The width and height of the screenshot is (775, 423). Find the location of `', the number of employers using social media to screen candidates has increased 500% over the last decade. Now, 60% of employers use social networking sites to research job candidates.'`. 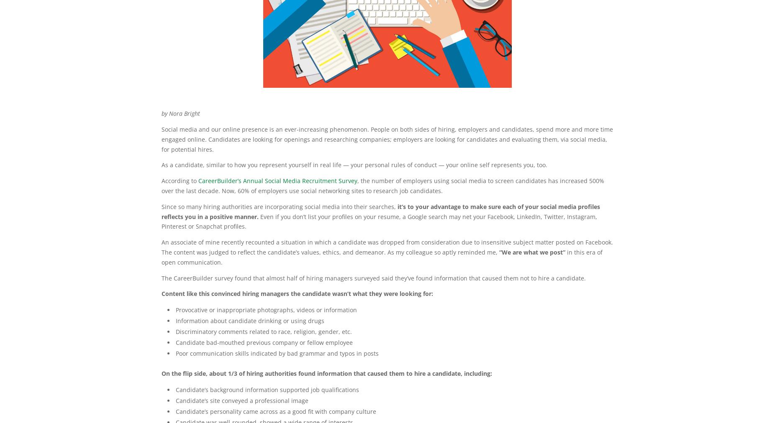

', the number of employers using social media to screen candidates has increased 500% over the last decade. Now, 60% of employers use social networking sites to research job candidates.' is located at coordinates (383, 186).